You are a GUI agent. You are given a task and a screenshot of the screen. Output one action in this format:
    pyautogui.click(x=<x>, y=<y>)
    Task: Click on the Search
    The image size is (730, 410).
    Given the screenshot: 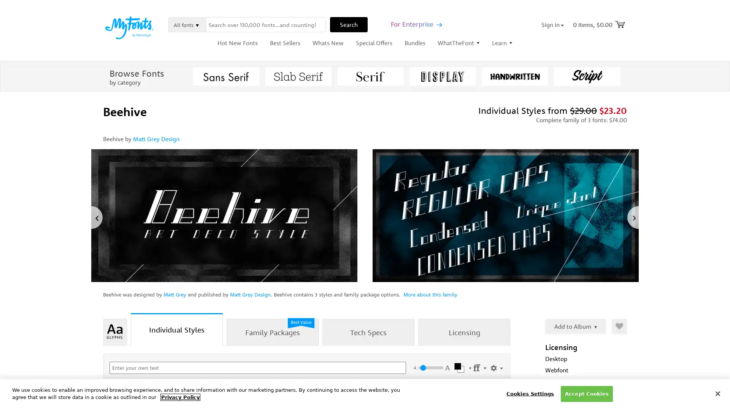 What is the action you would take?
    pyautogui.click(x=348, y=24)
    